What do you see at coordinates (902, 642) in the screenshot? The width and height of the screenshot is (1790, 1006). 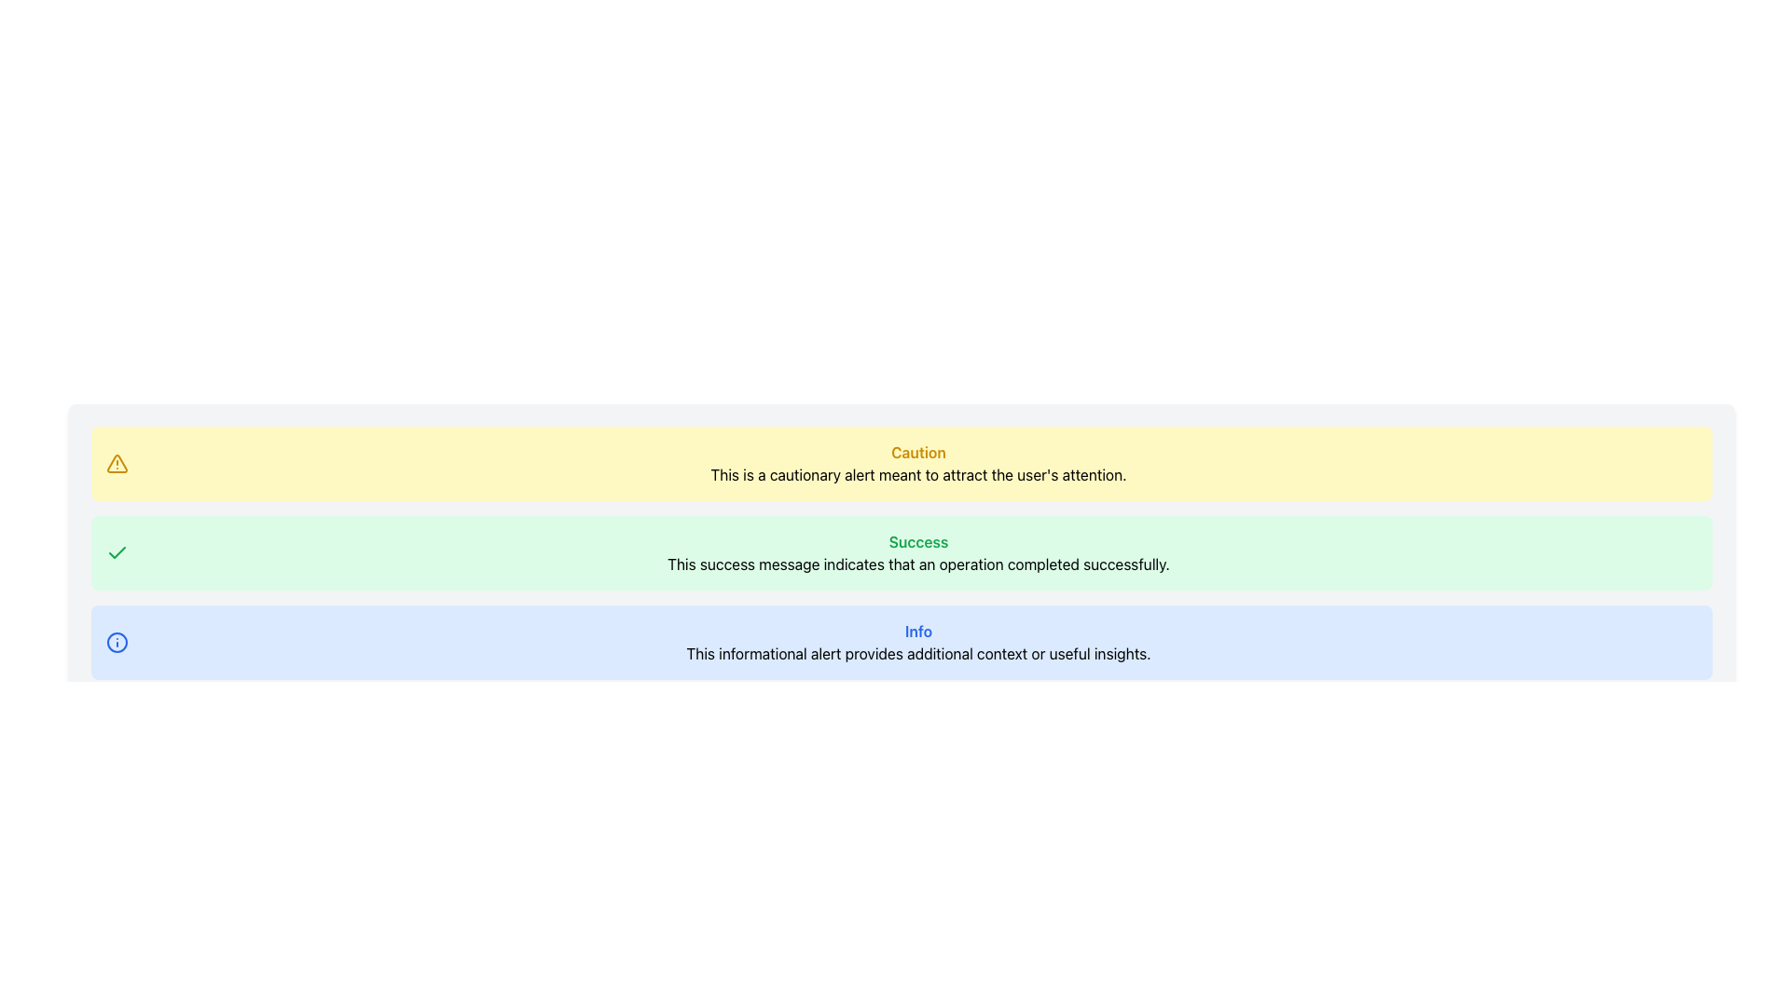 I see `the Informational alert message box with a blue background and rounded corners, which contains the title 'Info' and is located at the bottom of the notification stack` at bounding box center [902, 642].